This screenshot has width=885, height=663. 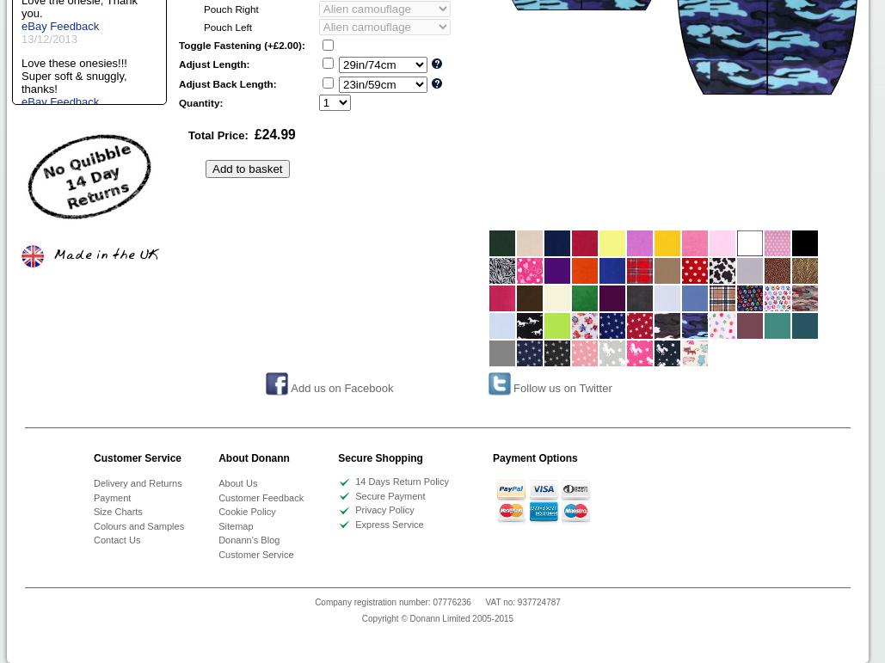 What do you see at coordinates (562, 387) in the screenshot?
I see `'Follow us on Twitter'` at bounding box center [562, 387].